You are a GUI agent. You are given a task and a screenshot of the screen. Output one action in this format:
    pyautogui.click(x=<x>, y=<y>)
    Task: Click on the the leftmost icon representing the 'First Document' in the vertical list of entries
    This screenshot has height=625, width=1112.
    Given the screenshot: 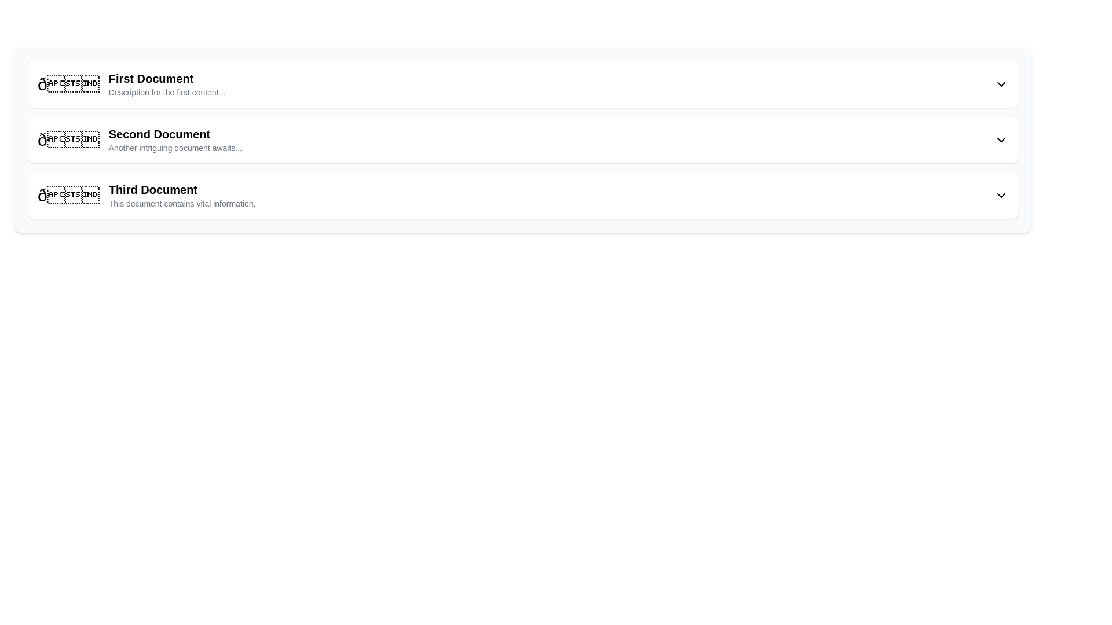 What is the action you would take?
    pyautogui.click(x=68, y=84)
    